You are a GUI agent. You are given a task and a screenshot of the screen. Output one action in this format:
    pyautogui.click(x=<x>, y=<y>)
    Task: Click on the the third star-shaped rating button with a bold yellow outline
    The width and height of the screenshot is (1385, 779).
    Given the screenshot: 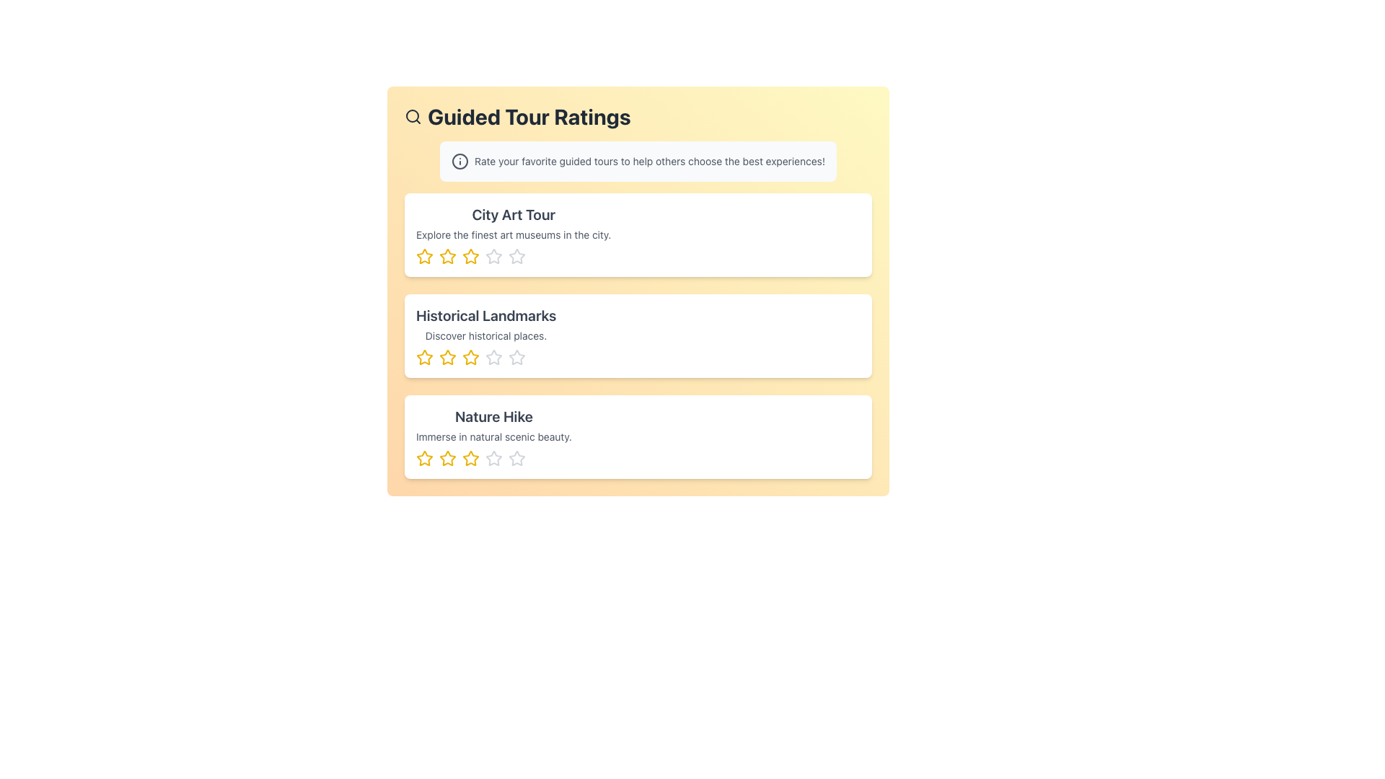 What is the action you would take?
    pyautogui.click(x=470, y=357)
    